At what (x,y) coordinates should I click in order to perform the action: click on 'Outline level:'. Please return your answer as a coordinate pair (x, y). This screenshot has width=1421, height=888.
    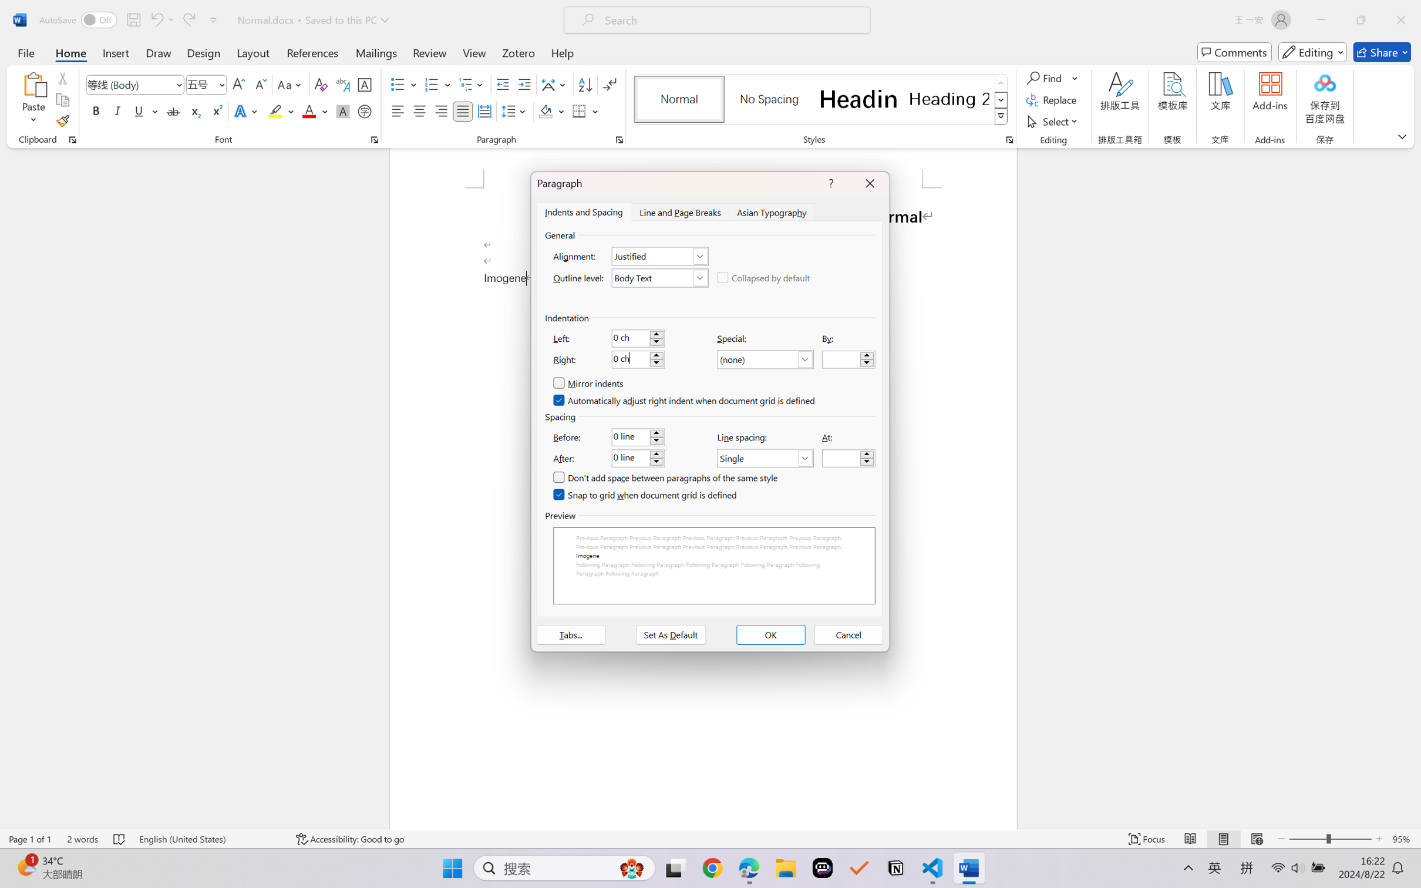
    Looking at the image, I should click on (660, 277).